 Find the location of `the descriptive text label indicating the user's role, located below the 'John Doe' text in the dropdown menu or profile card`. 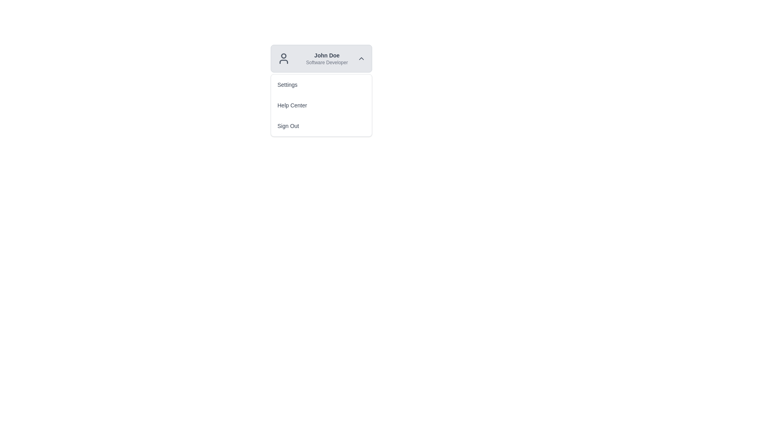

the descriptive text label indicating the user's role, located below the 'John Doe' text in the dropdown menu or profile card is located at coordinates (327, 62).